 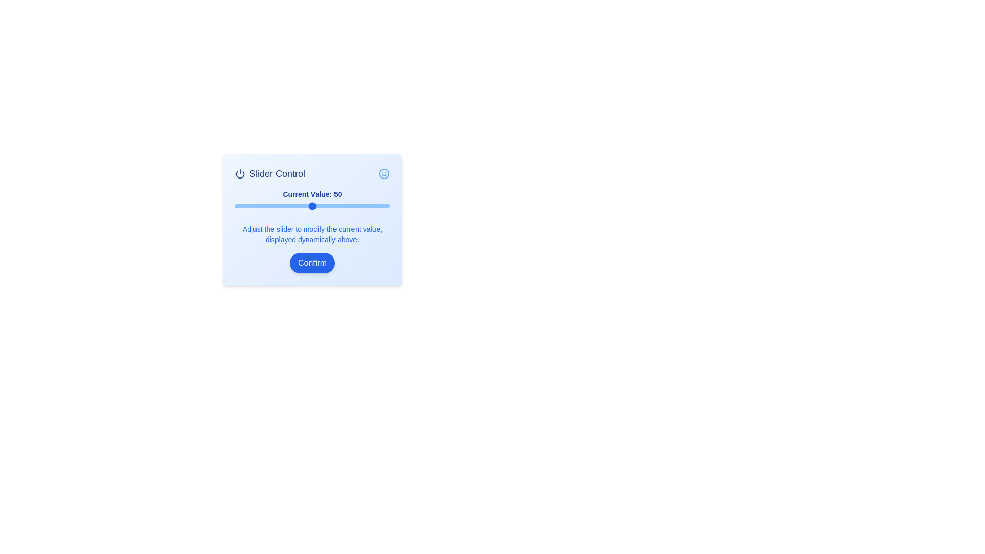 What do you see at coordinates (370, 206) in the screenshot?
I see `the slider value` at bounding box center [370, 206].